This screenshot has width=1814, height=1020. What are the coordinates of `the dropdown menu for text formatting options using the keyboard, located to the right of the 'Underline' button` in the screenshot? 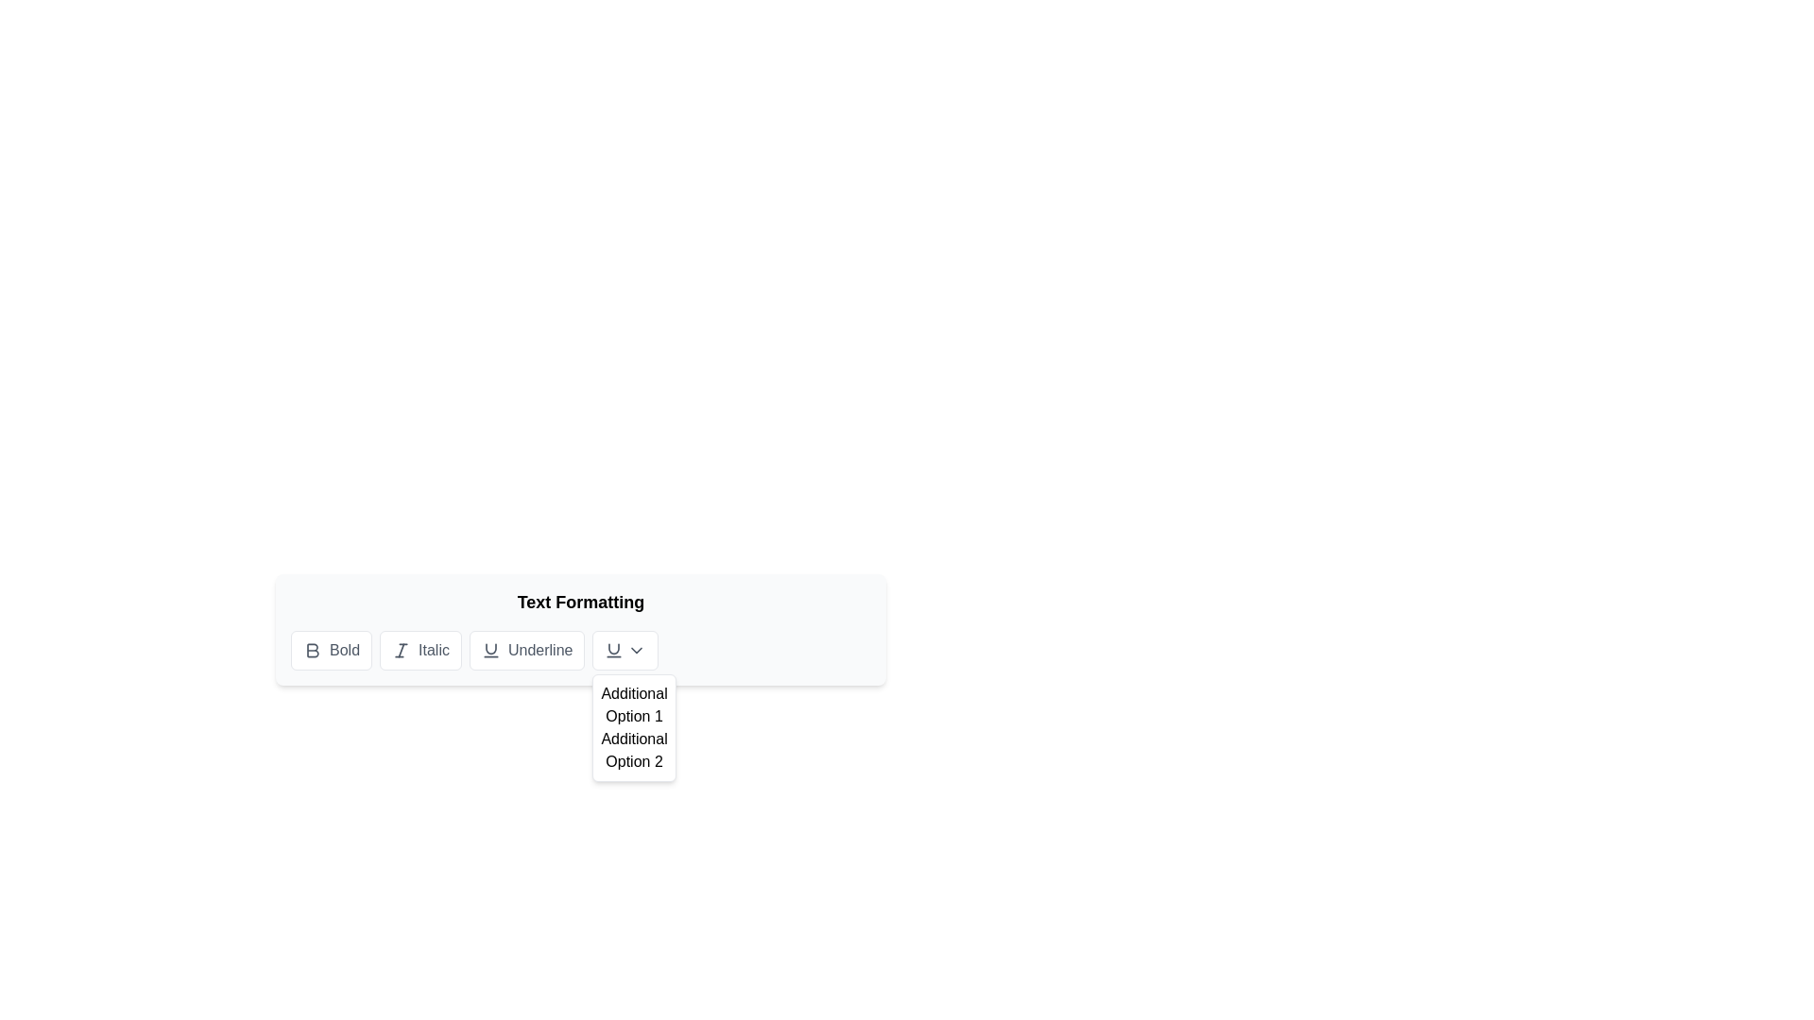 It's located at (625, 650).